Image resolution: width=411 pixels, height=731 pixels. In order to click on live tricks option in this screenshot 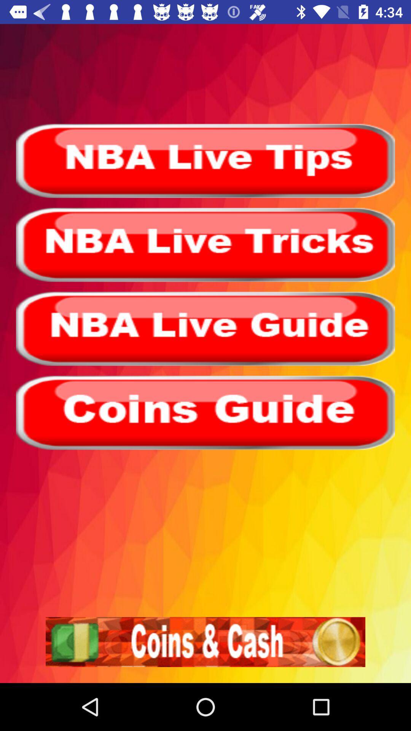, I will do `click(205, 245)`.